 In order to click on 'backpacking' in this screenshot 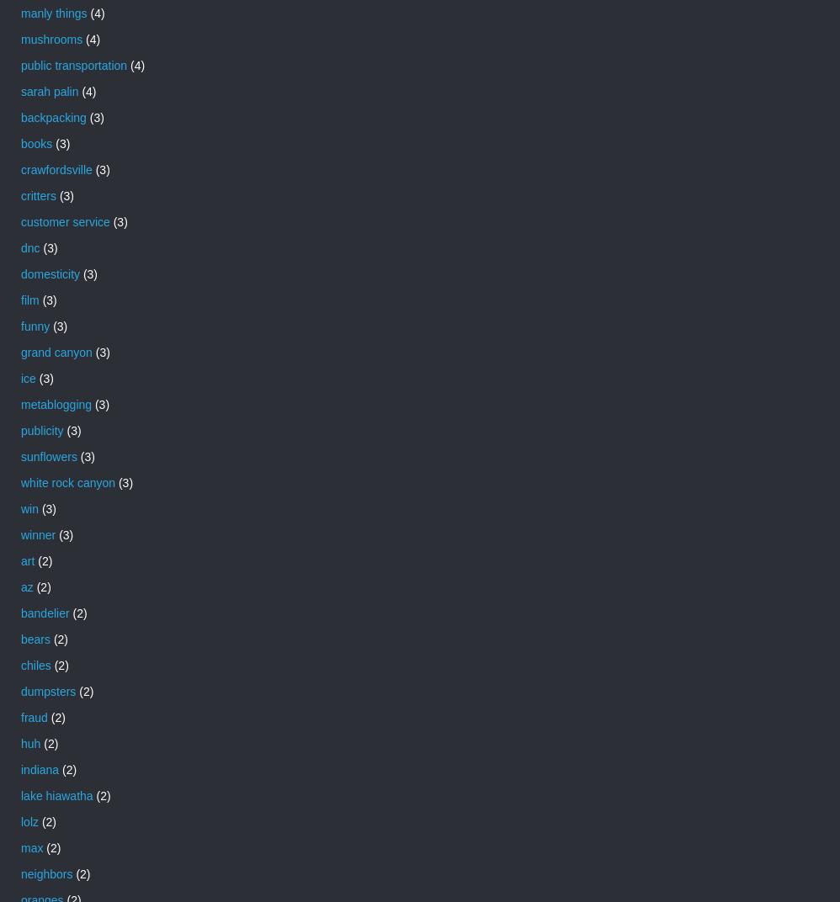, I will do `click(52, 116)`.